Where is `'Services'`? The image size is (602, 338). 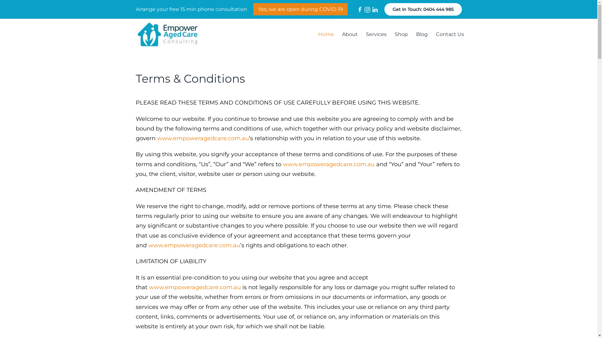
'Services' is located at coordinates (376, 34).